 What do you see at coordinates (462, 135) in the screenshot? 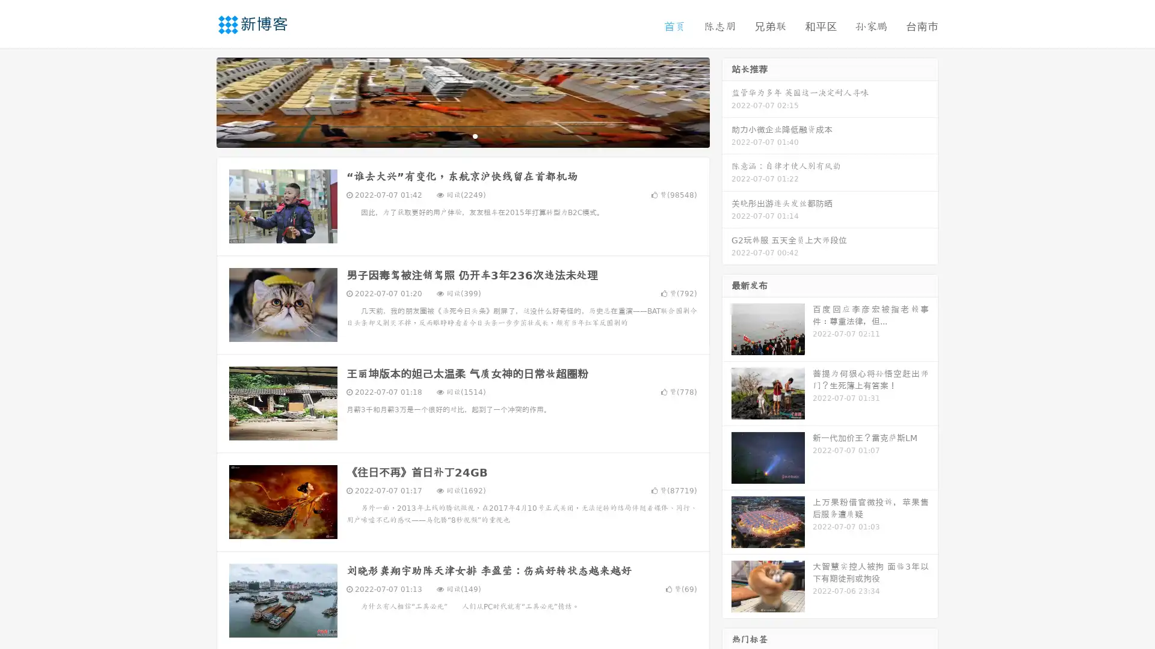
I see `Go to slide 2` at bounding box center [462, 135].